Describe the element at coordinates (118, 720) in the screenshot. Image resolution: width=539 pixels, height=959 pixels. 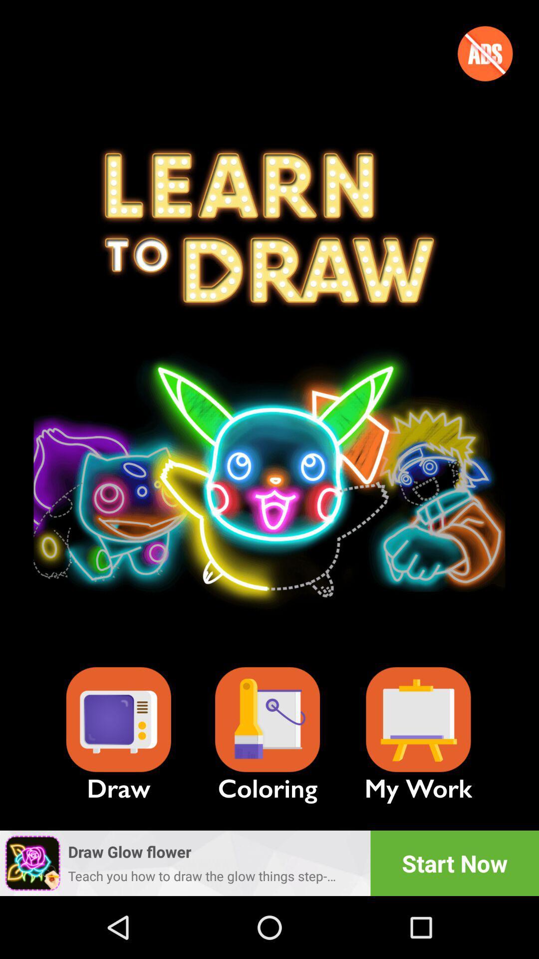
I see `draw the image` at that location.